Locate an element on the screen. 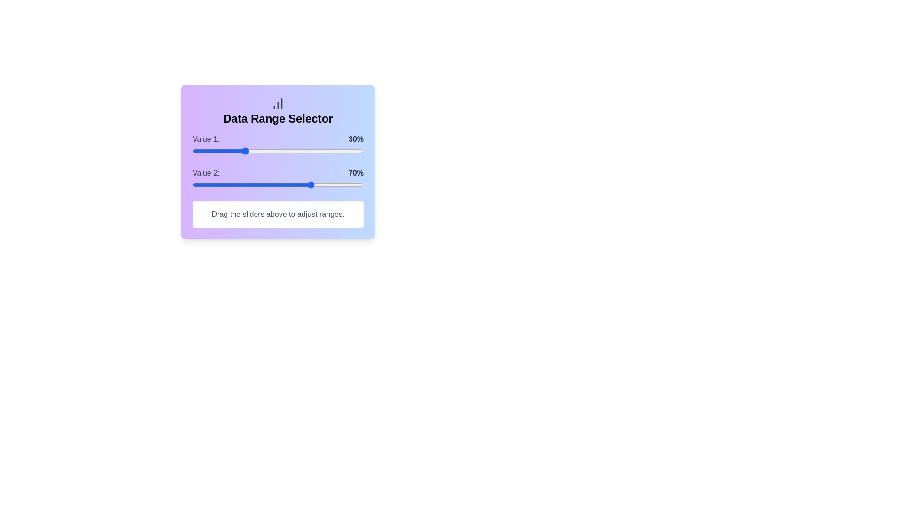  the text label 'Value 1' is located at coordinates (205, 139).